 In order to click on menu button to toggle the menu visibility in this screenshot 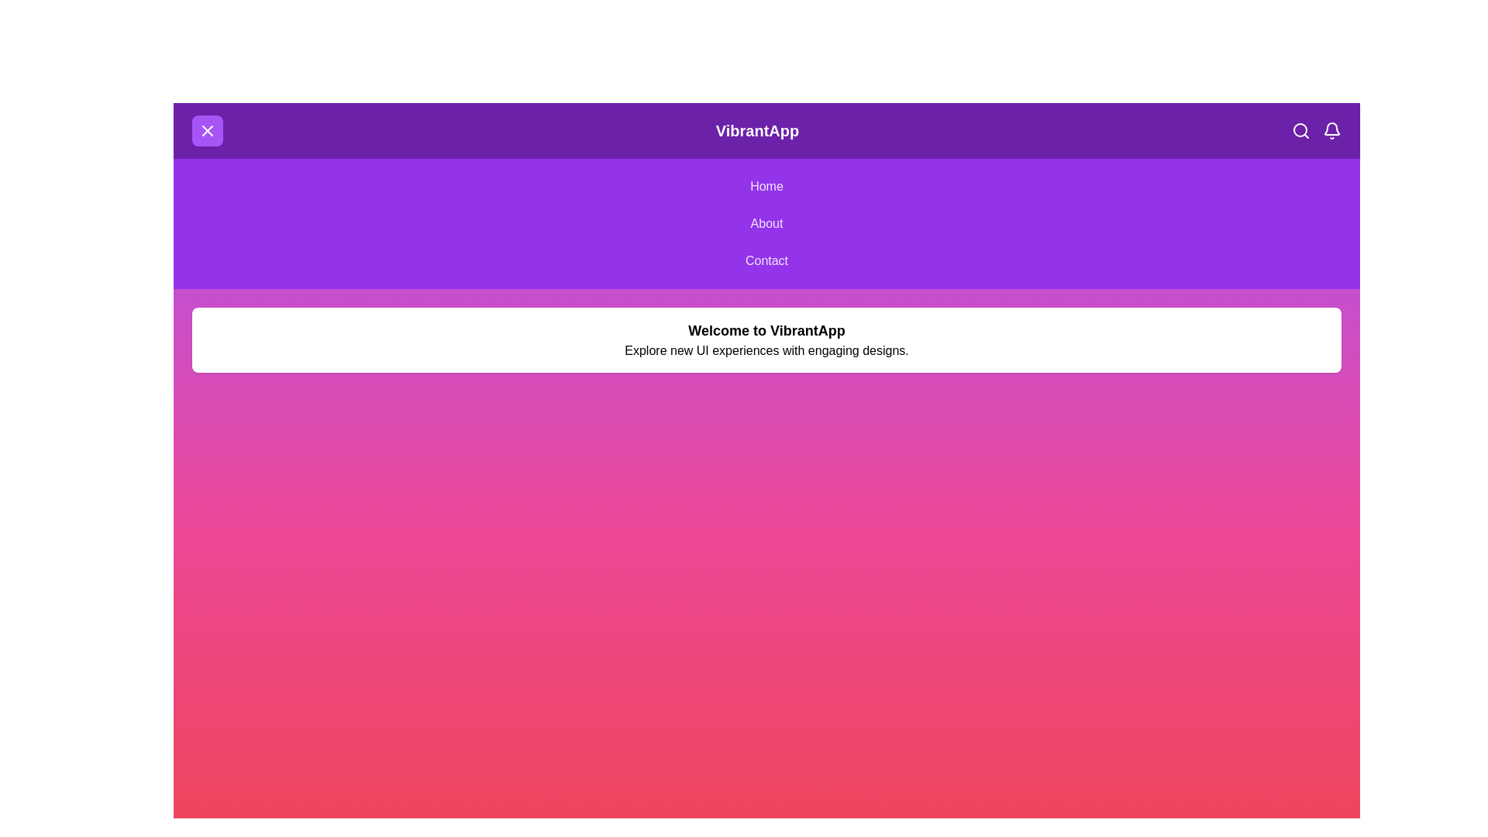, I will do `click(207, 130)`.